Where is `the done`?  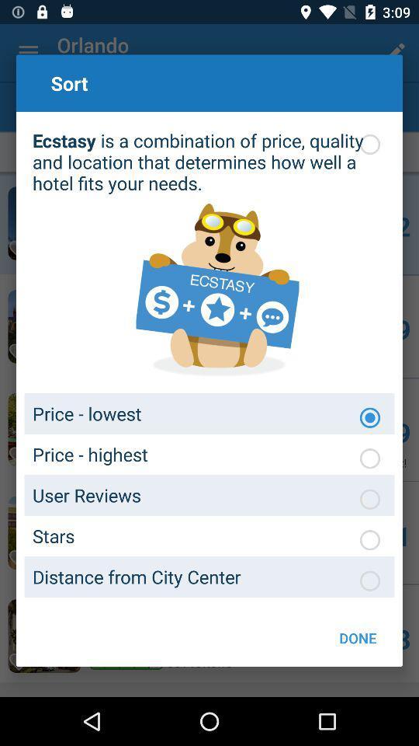
the done is located at coordinates (358, 638).